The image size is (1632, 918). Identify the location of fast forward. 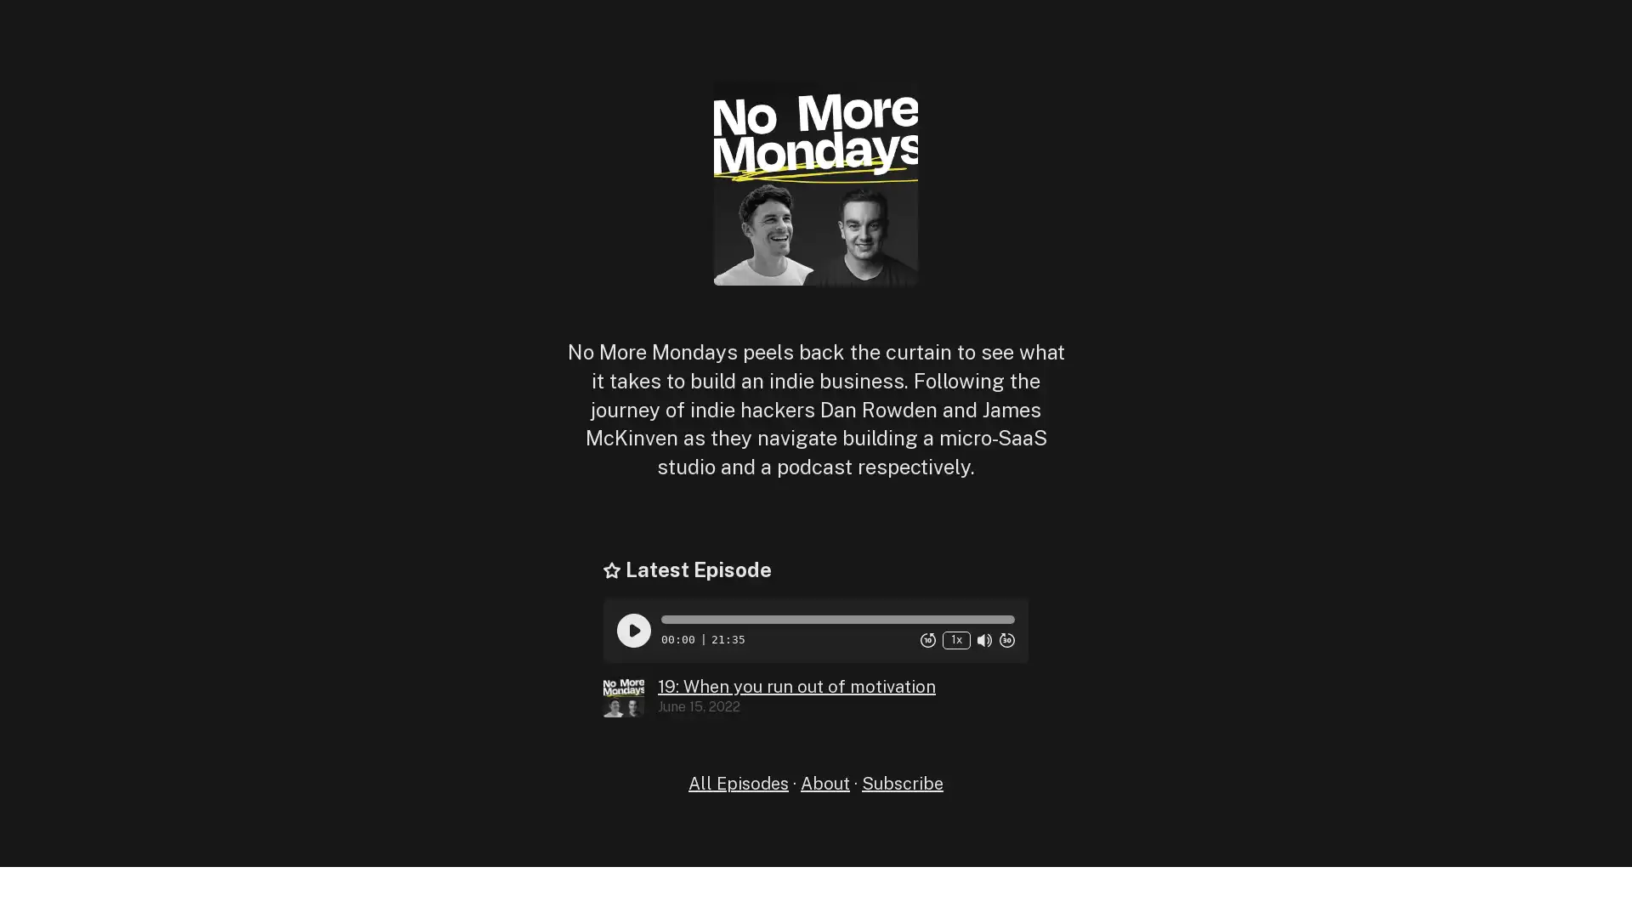
(1006, 639).